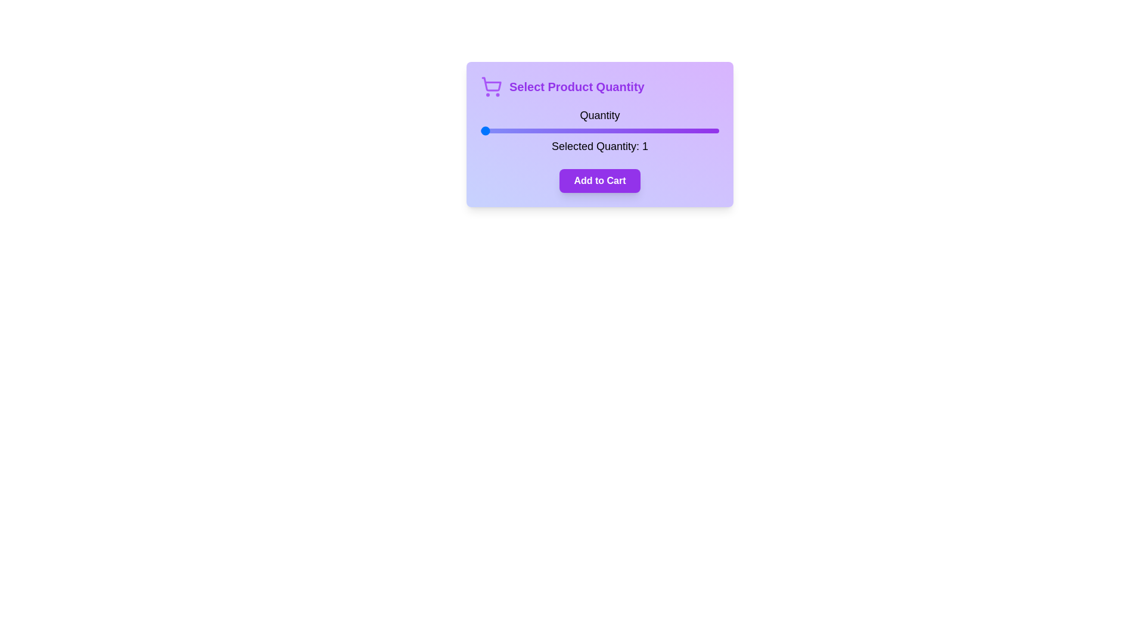  What do you see at coordinates (600, 181) in the screenshot?
I see `the 'Add to Cart' button to confirm the selected quantity` at bounding box center [600, 181].